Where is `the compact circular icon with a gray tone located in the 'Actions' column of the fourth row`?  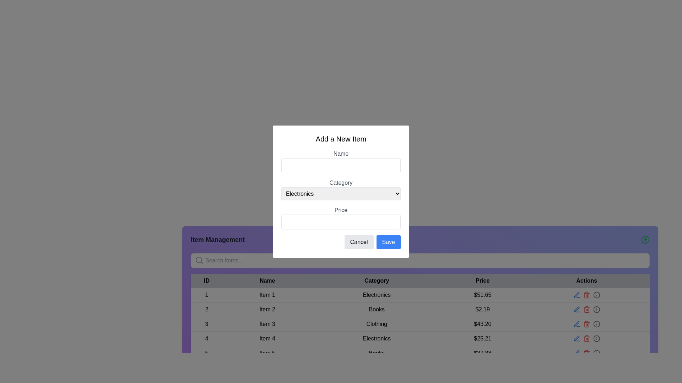
the compact circular icon with a gray tone located in the 'Actions' column of the fourth row is located at coordinates (596, 338).